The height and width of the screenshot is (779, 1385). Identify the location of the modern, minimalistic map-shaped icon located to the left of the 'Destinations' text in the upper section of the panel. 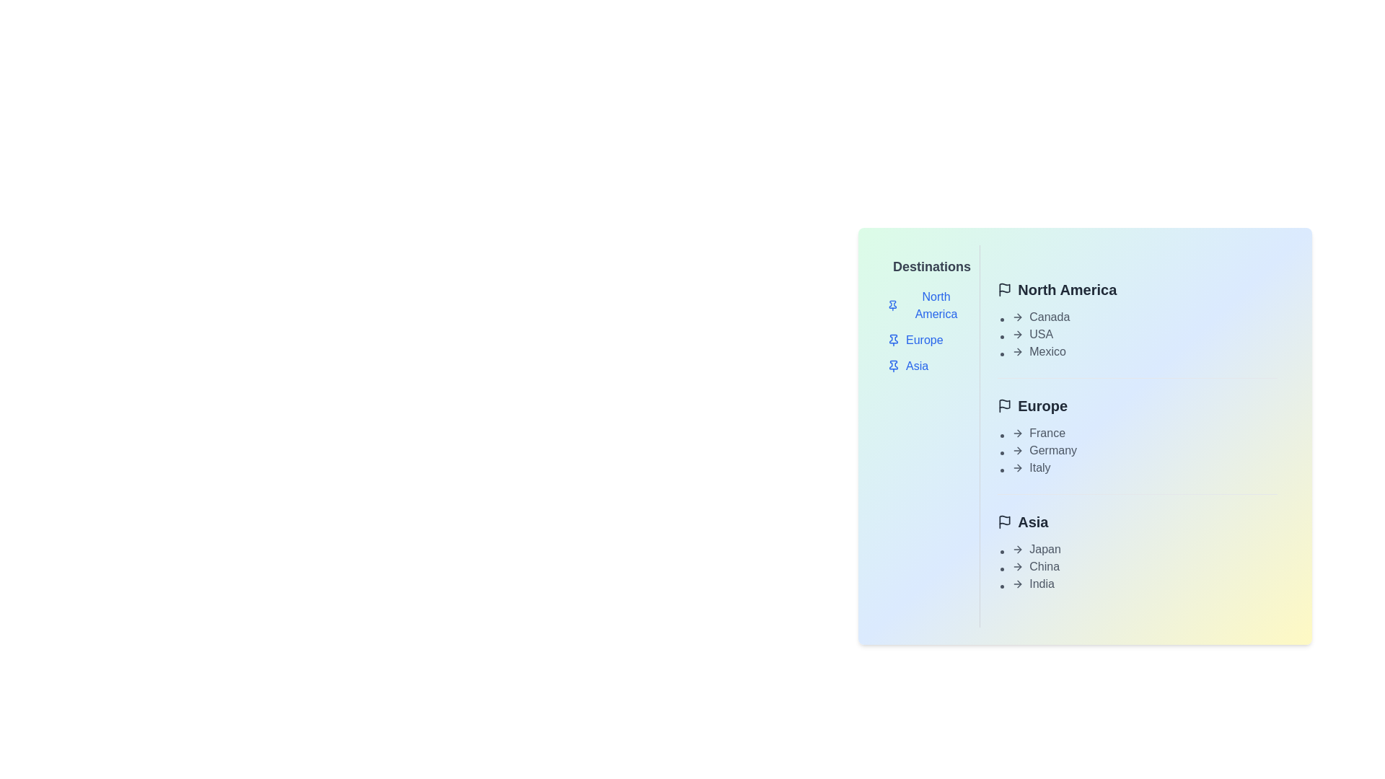
(895, 268).